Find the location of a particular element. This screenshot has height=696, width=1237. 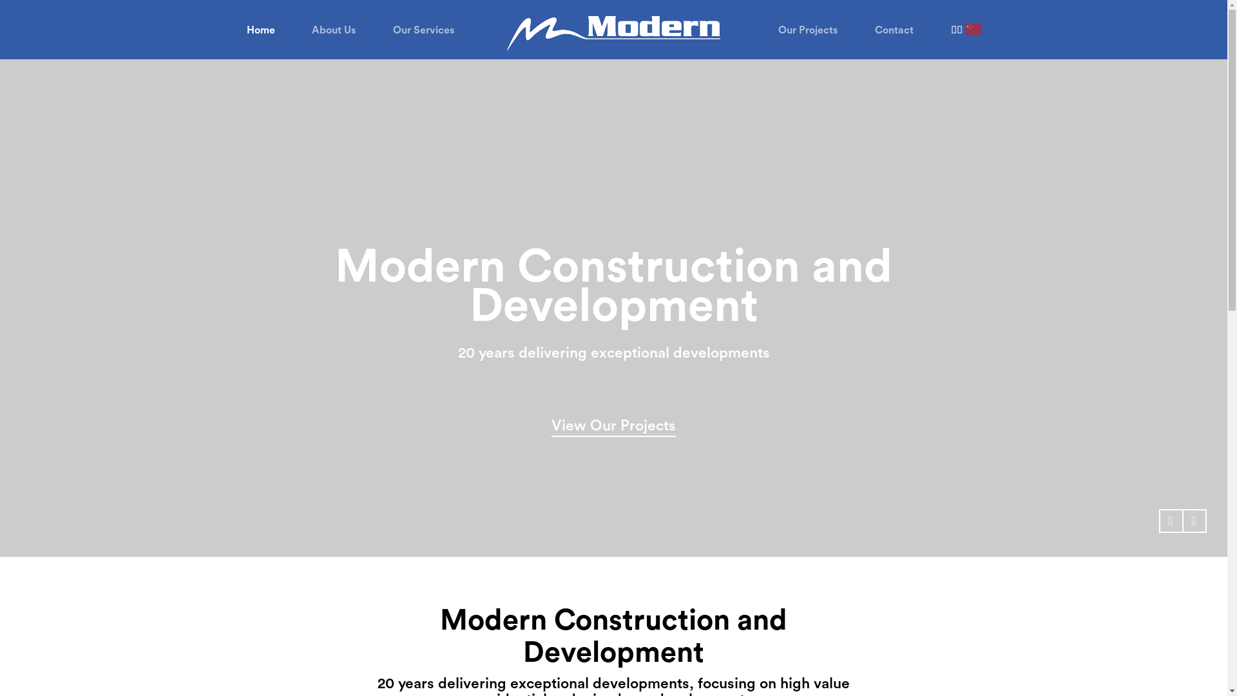

'Our Projects' is located at coordinates (807, 30).